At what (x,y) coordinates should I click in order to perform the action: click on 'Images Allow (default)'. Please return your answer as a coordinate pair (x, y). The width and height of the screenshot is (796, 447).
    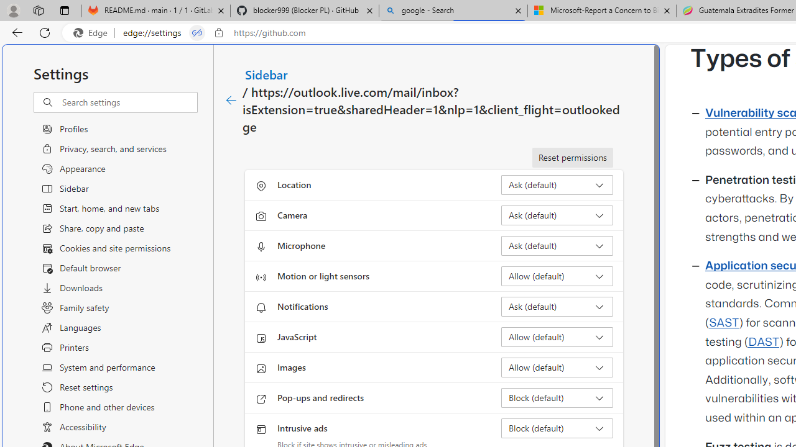
    Looking at the image, I should click on (557, 366).